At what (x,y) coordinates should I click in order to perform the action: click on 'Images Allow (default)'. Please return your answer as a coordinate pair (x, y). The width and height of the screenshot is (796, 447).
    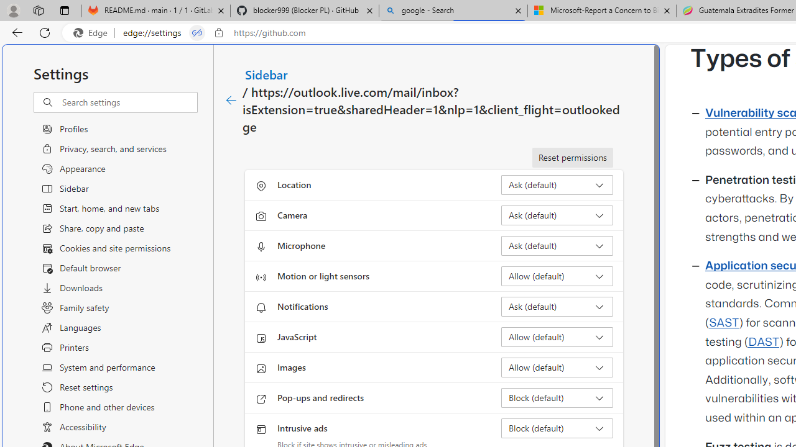
    Looking at the image, I should click on (557, 366).